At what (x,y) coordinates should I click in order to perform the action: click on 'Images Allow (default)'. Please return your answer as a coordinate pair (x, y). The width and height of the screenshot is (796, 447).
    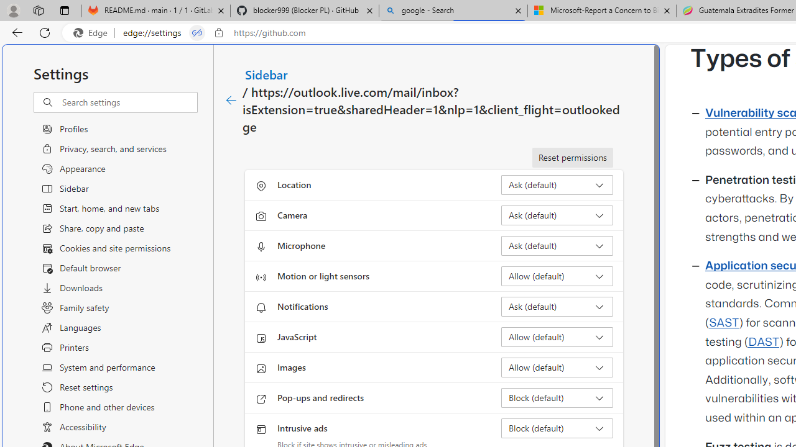
    Looking at the image, I should click on (557, 366).